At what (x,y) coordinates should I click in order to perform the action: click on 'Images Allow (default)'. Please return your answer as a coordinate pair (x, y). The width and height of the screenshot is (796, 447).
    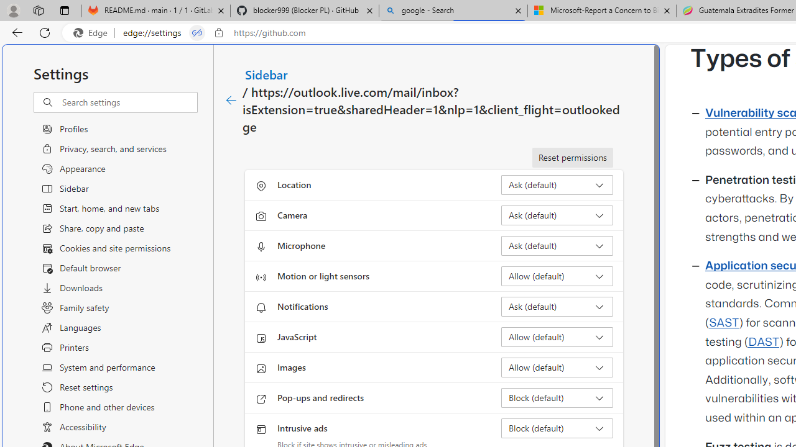
    Looking at the image, I should click on (557, 366).